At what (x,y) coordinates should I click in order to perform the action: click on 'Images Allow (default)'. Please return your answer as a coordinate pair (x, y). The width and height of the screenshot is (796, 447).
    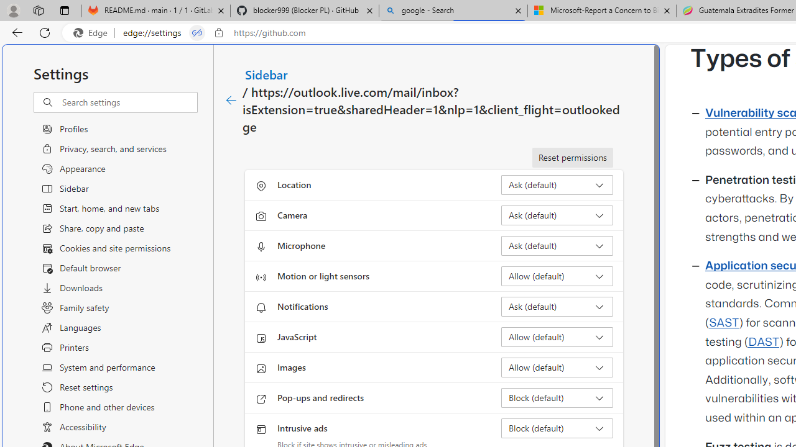
    Looking at the image, I should click on (557, 366).